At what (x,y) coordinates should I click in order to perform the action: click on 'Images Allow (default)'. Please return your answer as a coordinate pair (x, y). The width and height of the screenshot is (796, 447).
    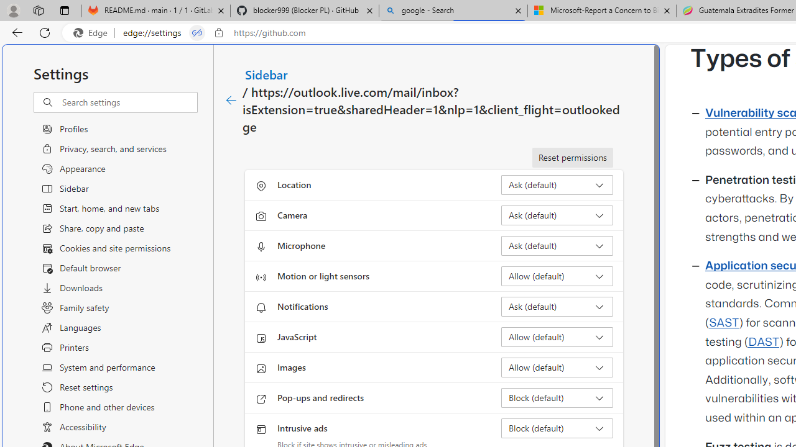
    Looking at the image, I should click on (557, 366).